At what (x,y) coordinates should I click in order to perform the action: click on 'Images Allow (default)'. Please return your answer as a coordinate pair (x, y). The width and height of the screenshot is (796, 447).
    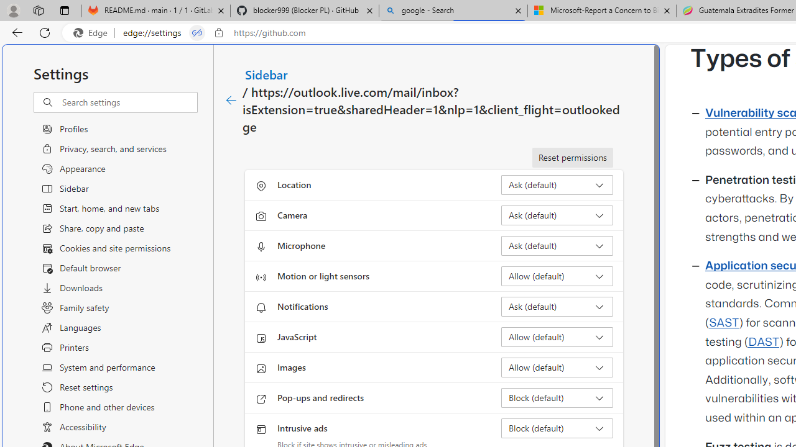
    Looking at the image, I should click on (557, 366).